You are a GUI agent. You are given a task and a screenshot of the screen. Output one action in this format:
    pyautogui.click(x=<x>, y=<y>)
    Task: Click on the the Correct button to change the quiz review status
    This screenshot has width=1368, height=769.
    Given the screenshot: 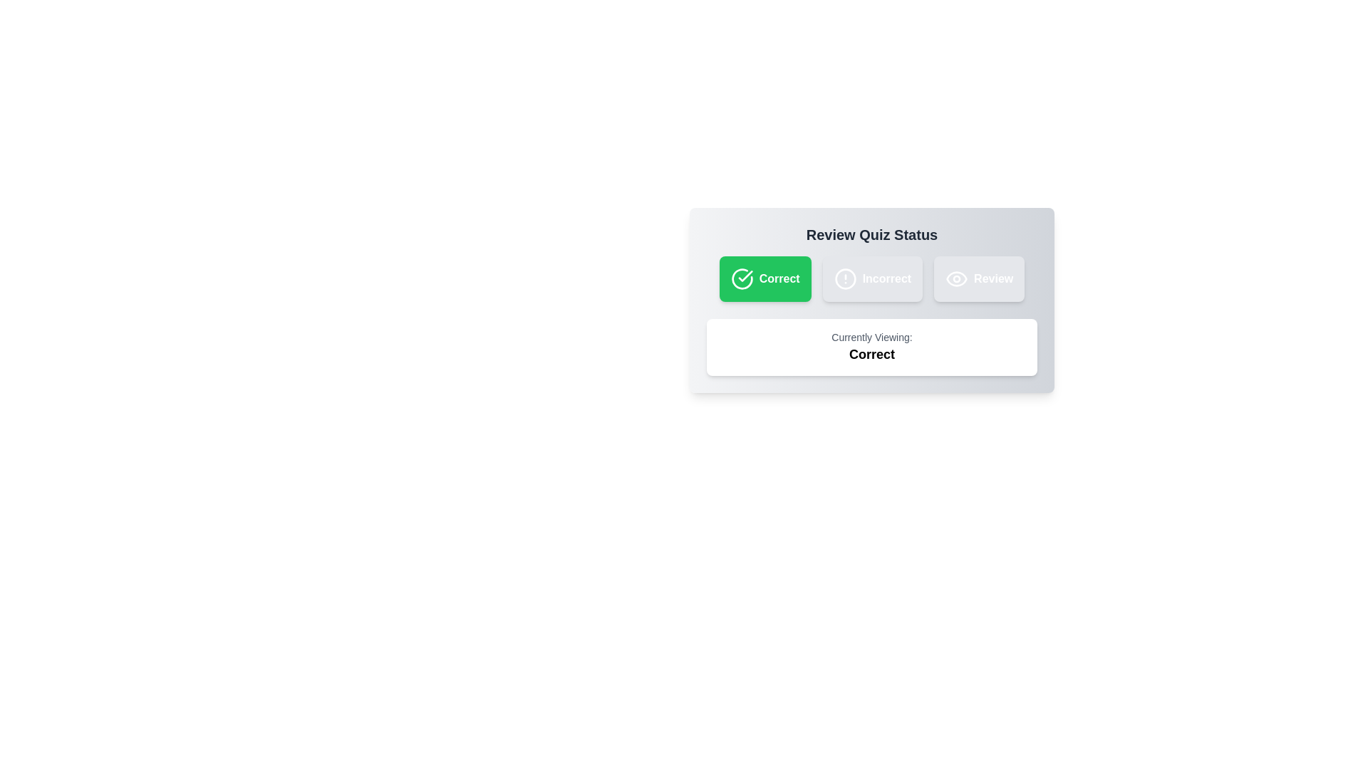 What is the action you would take?
    pyautogui.click(x=765, y=279)
    